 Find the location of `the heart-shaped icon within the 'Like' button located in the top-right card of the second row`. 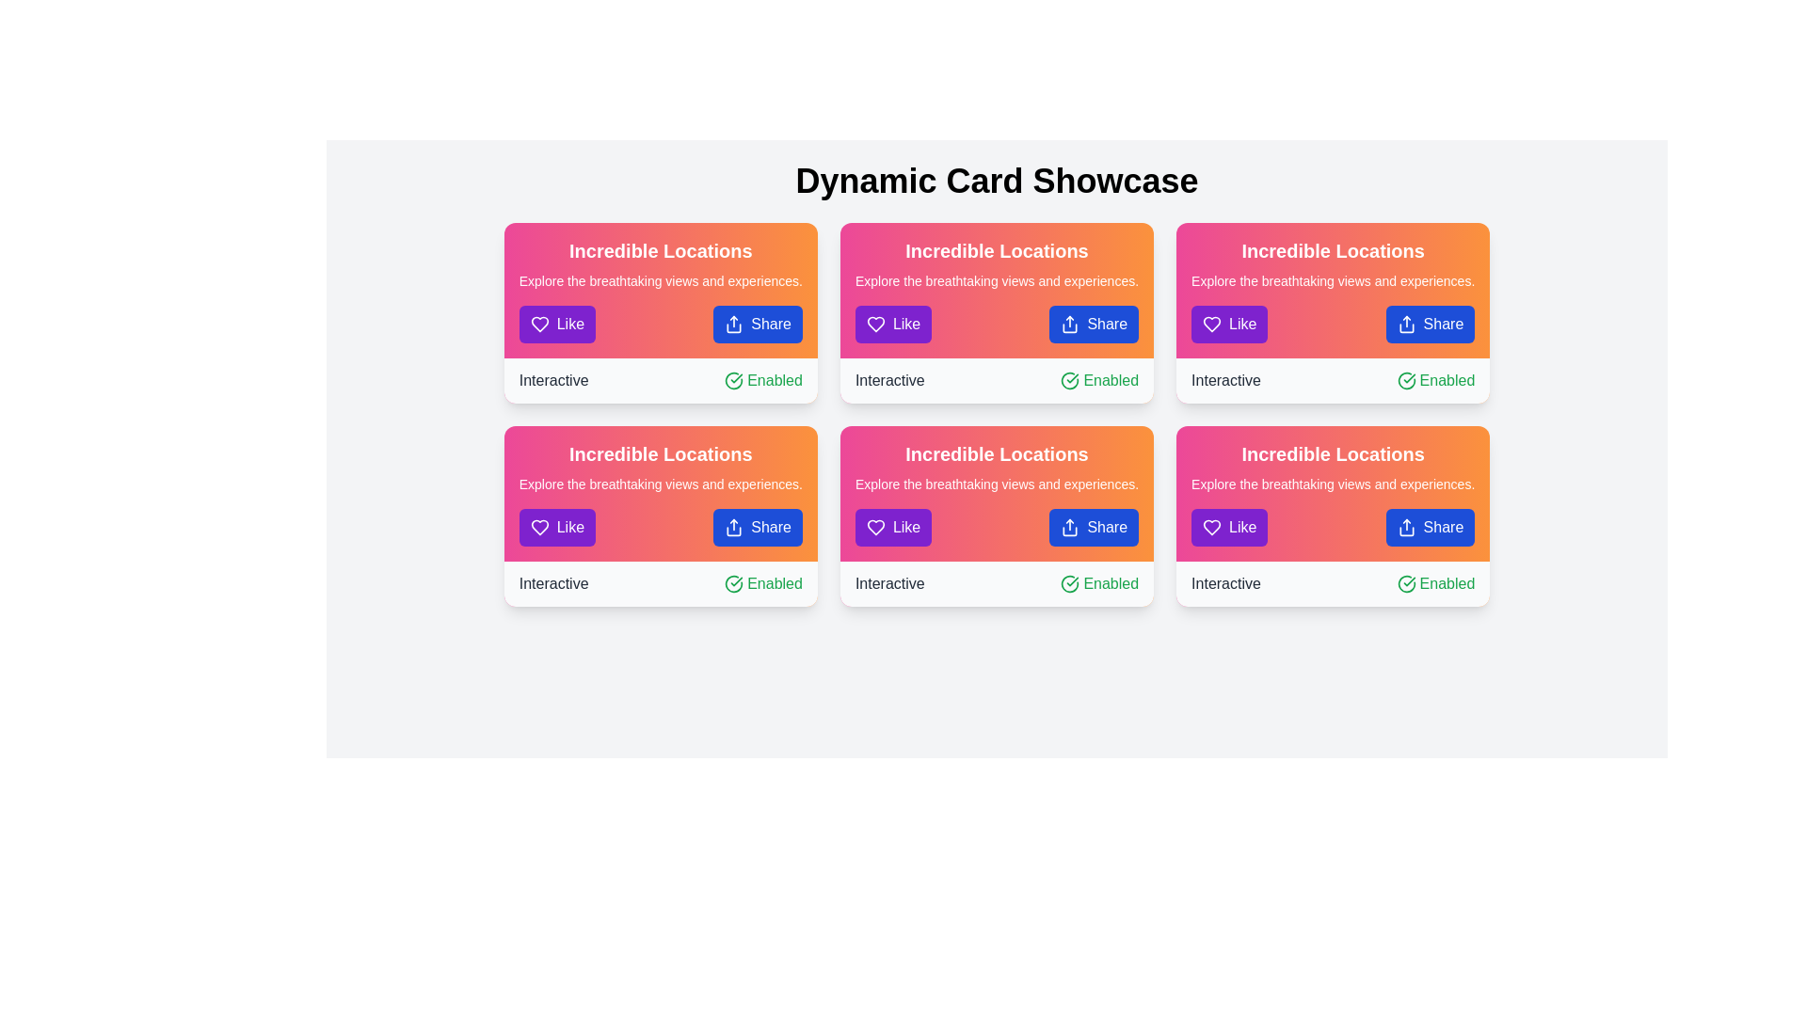

the heart-shaped icon within the 'Like' button located in the top-right card of the second row is located at coordinates (538, 323).